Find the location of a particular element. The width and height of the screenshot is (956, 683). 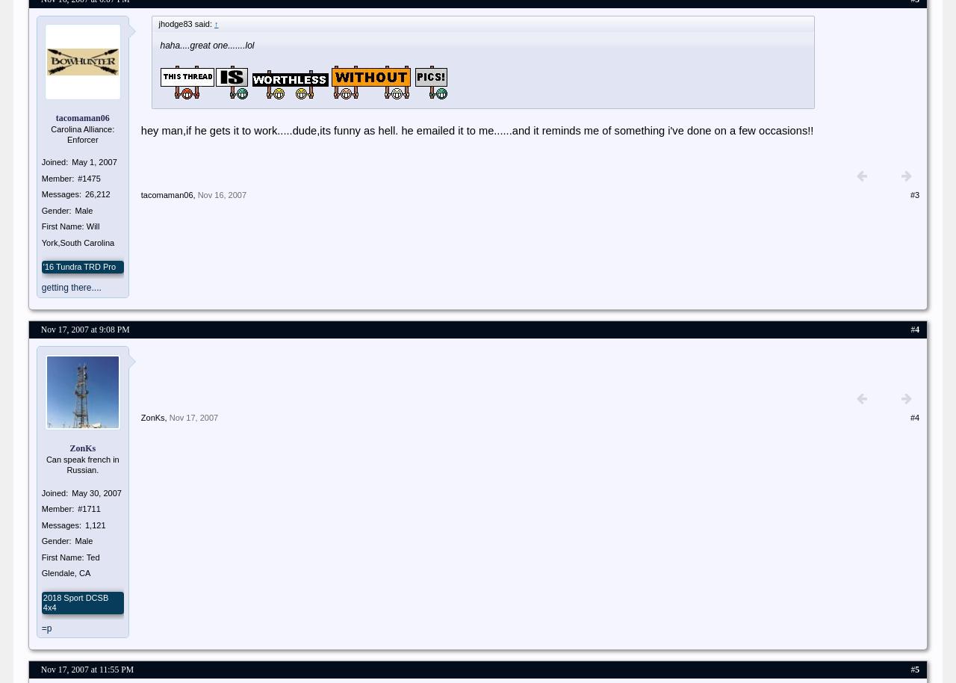

''16 Tundra TRD Pro' is located at coordinates (42, 266).